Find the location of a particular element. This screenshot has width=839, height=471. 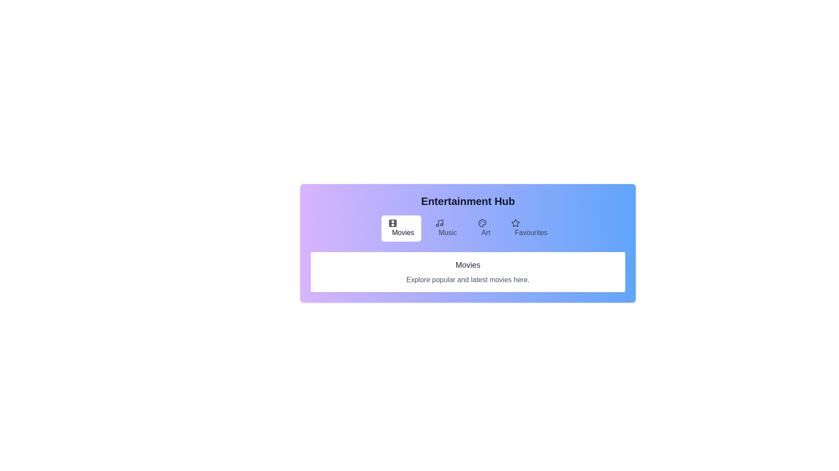

the Art tab by clicking on the corresponding tab button is located at coordinates (483, 228).